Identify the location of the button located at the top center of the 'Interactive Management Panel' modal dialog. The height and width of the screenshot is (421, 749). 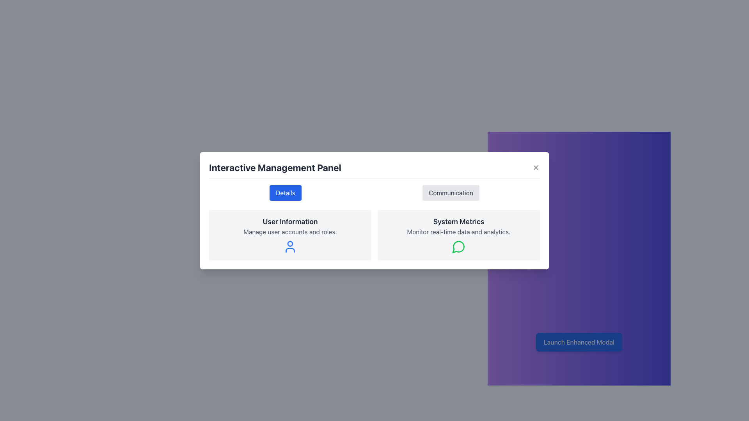
(285, 193).